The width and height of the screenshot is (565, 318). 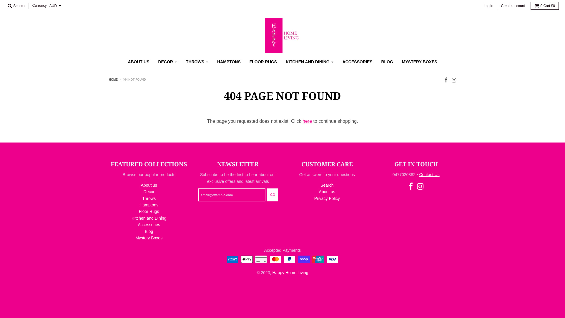 I want to click on 'About us', so click(x=149, y=185).